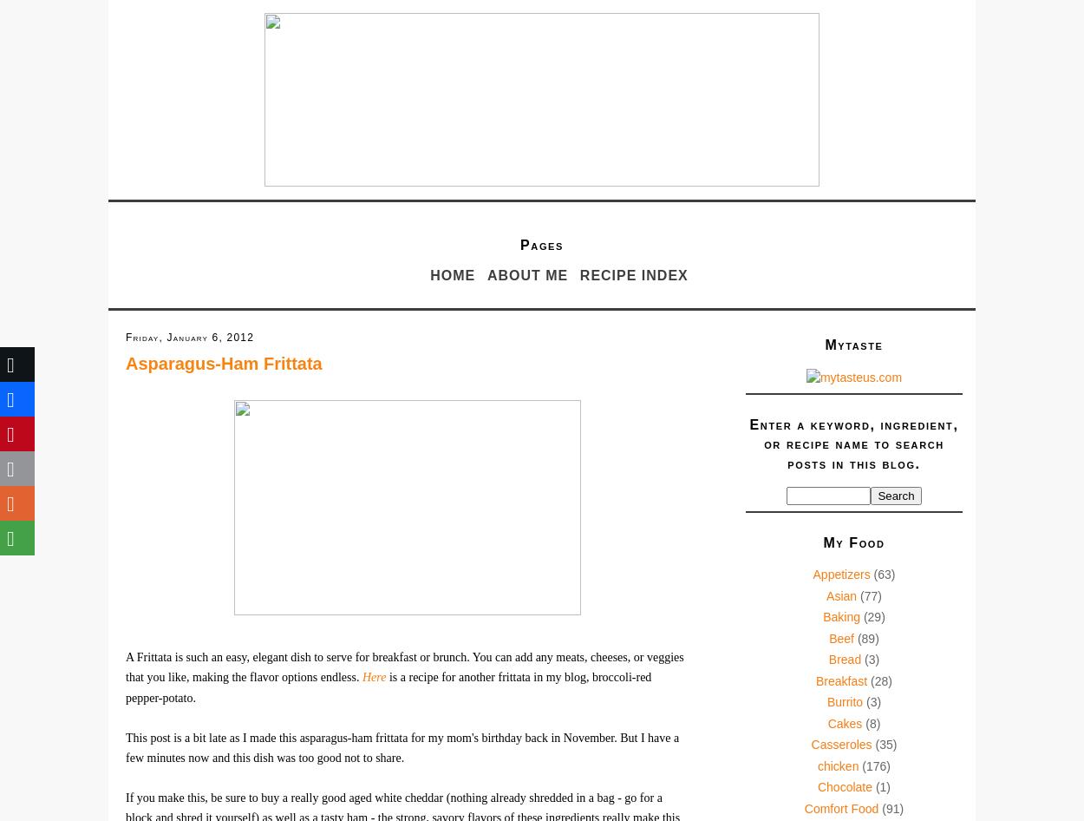 The height and width of the screenshot is (821, 1084). I want to click on 'Recipe Index', so click(632, 275).